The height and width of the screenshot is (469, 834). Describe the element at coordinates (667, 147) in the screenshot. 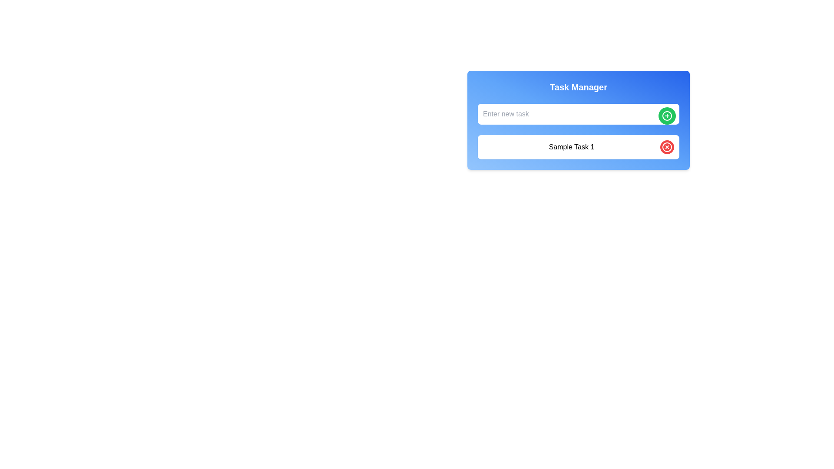

I see `the circular SVG graphic element located to the right of the task text 'Sample Task 1'` at that location.